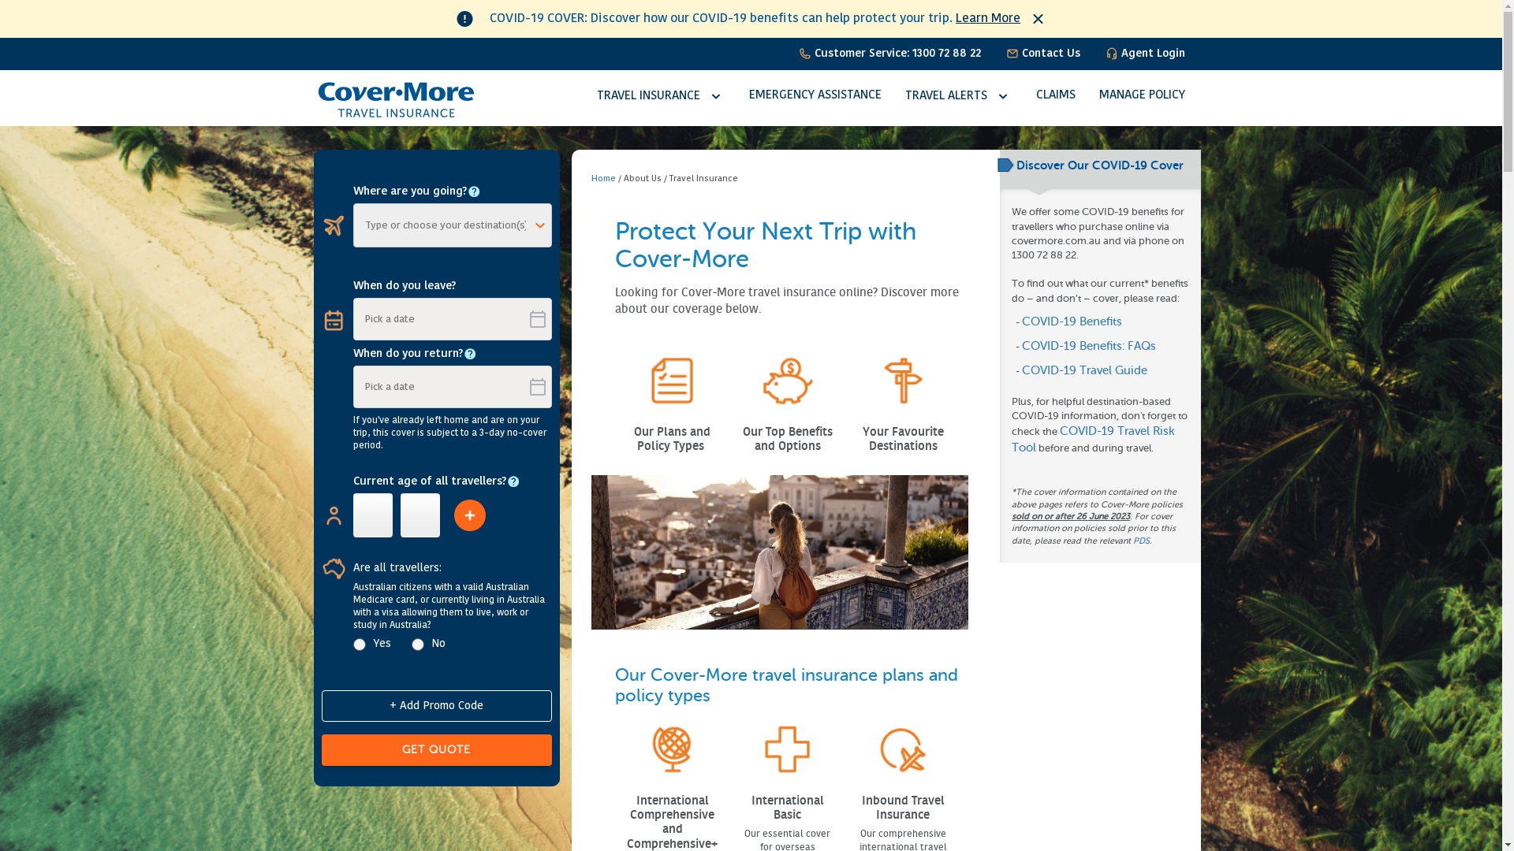 The height and width of the screenshot is (851, 1514). I want to click on 'TRAVEL ALERTS', so click(957, 96).